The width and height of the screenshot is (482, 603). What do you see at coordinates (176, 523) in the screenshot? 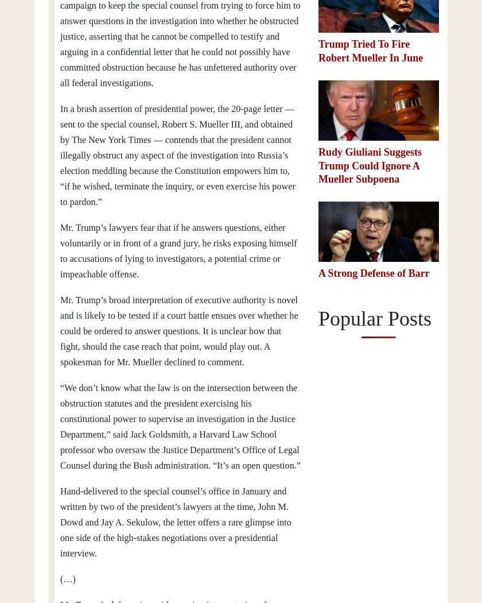
I see `'Hand-delivered to the special counsel’s office in January and written by two of the president’s lawyers at the time, John M. Dowd and Jay A. Sekulow, the letter offers a rare glimpse into one side of the high-stakes negotiations over a presidential interview.'` at bounding box center [176, 523].